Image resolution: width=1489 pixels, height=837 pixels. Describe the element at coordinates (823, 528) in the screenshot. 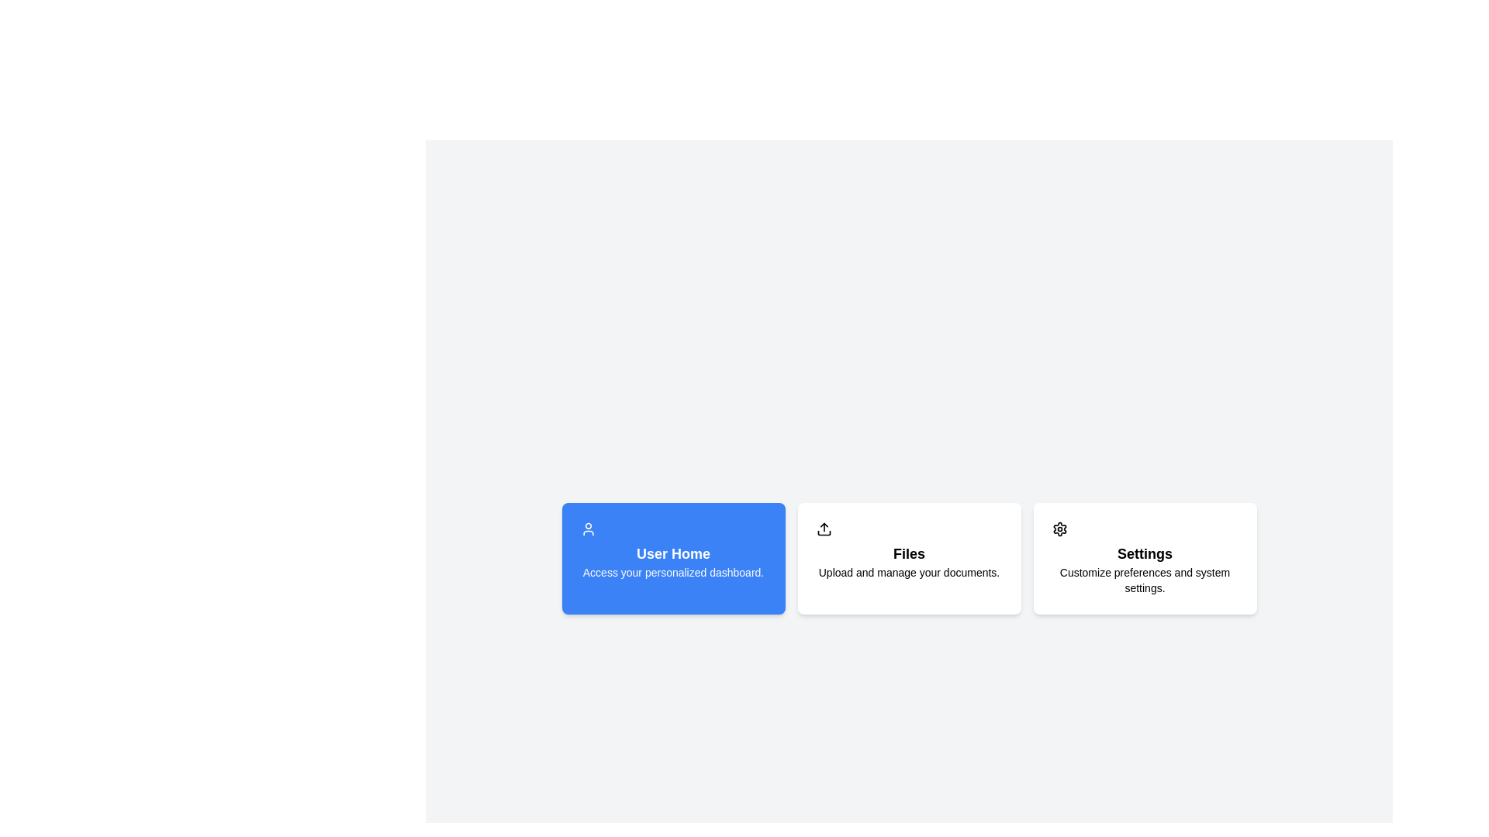

I see `the upload icon with the class identifier 'lucide-upload', located in the upper-left area of the 'Files' card` at that location.